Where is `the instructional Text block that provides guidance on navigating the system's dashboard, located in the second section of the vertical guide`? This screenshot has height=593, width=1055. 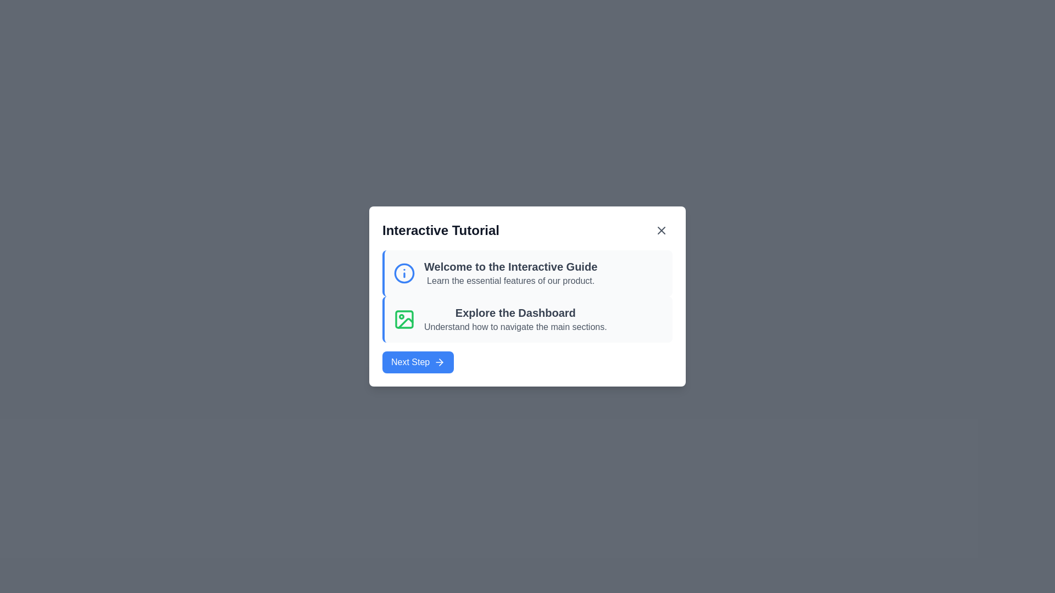 the instructional Text block that provides guidance on navigating the system's dashboard, located in the second section of the vertical guide is located at coordinates (515, 320).